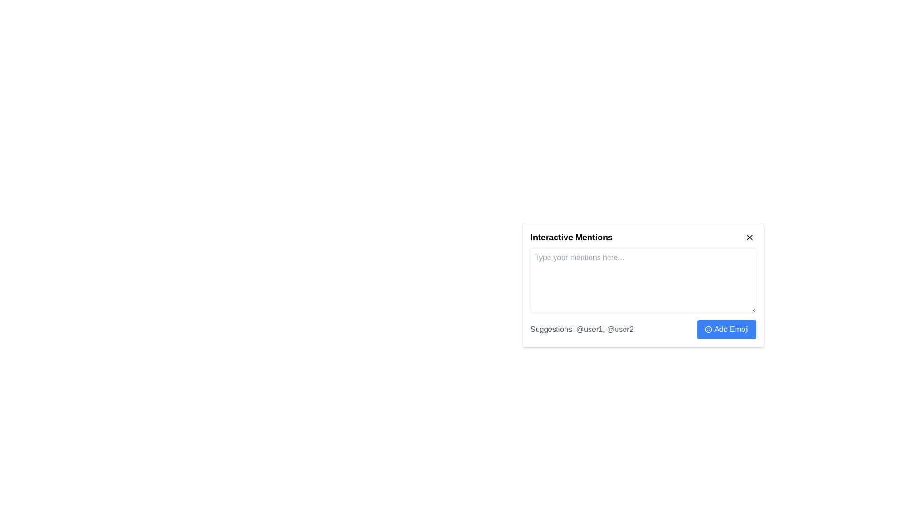  I want to click on the close button located at the top-right corner of the 'Interactive Mentions' dialog box, so click(749, 237).